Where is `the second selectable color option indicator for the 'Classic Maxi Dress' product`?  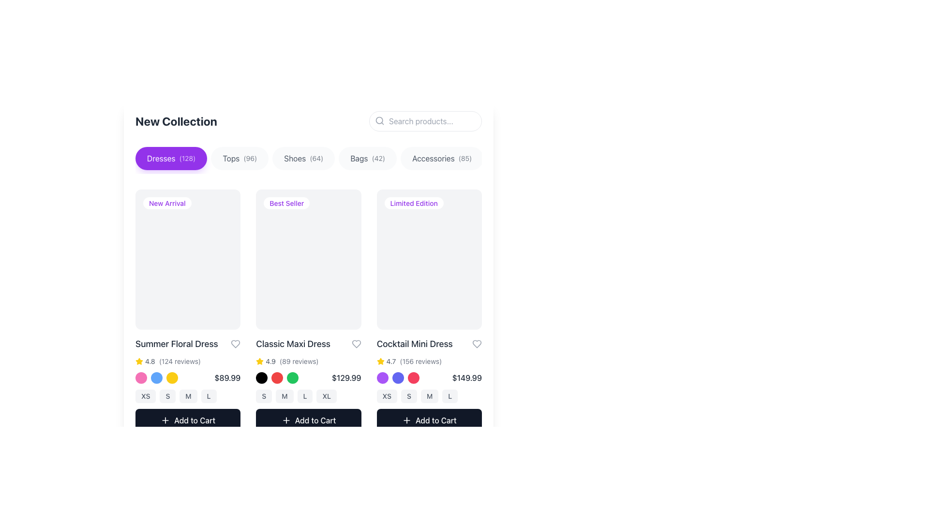
the second selectable color option indicator for the 'Classic Maxi Dress' product is located at coordinates (277, 377).